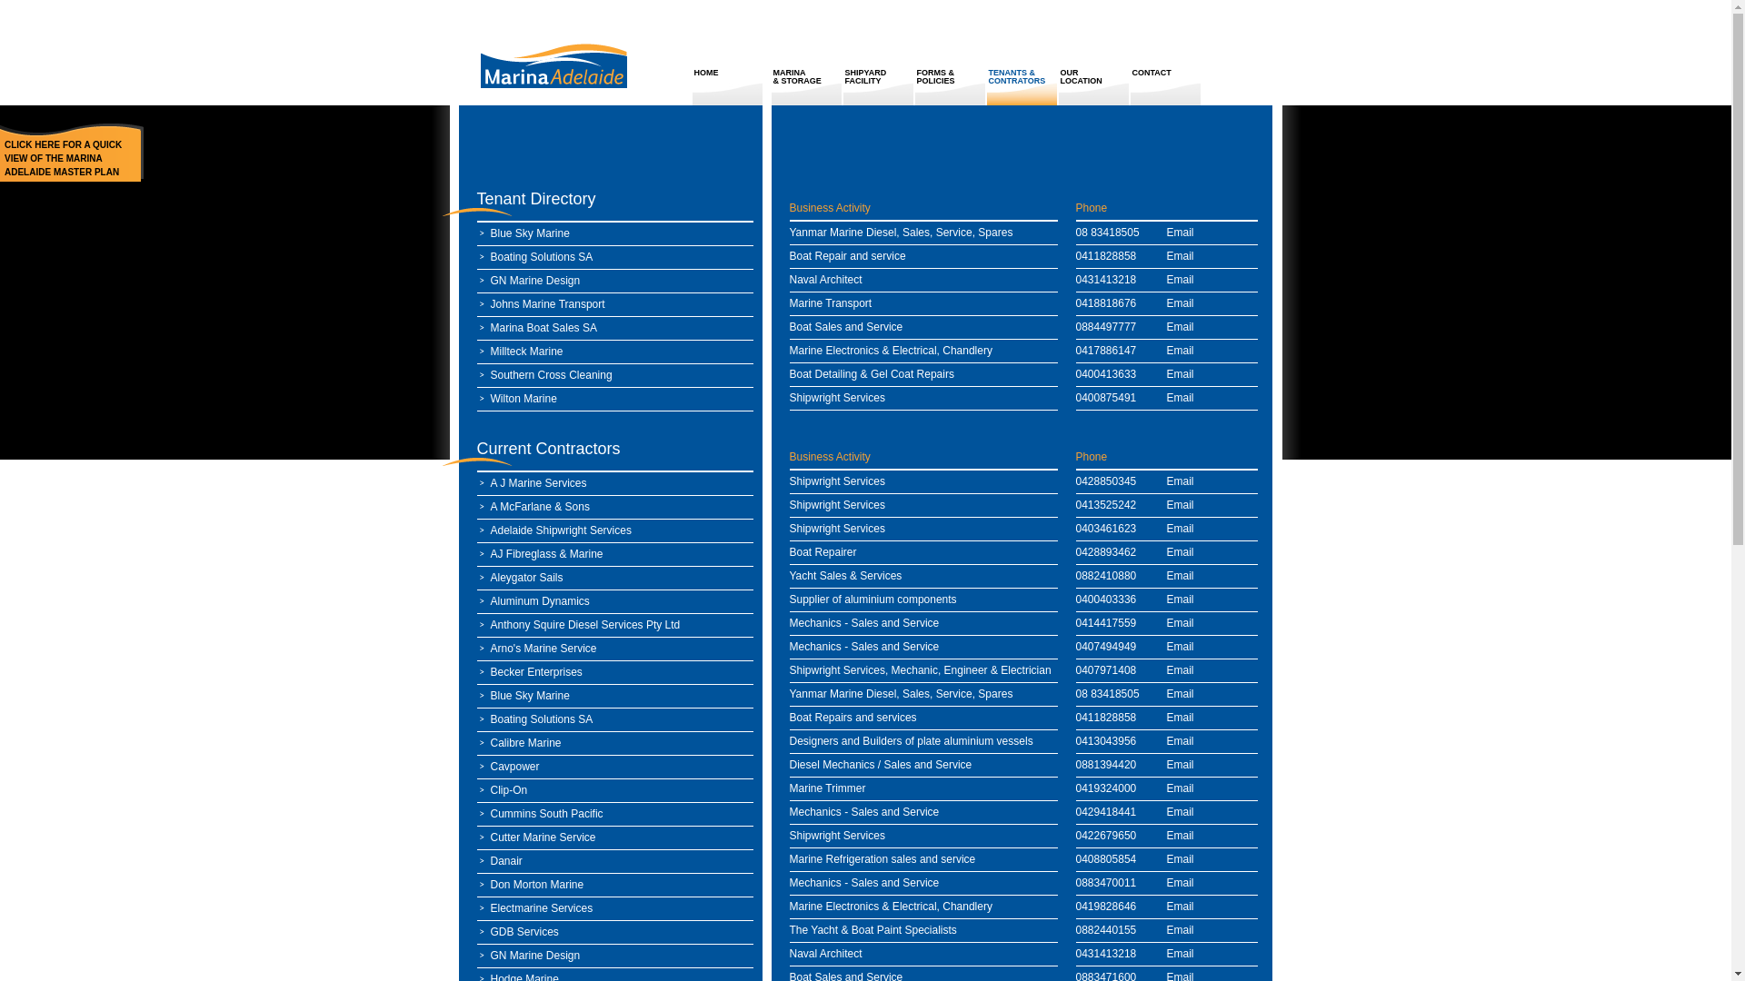  What do you see at coordinates (1181, 646) in the screenshot?
I see `'Email'` at bounding box center [1181, 646].